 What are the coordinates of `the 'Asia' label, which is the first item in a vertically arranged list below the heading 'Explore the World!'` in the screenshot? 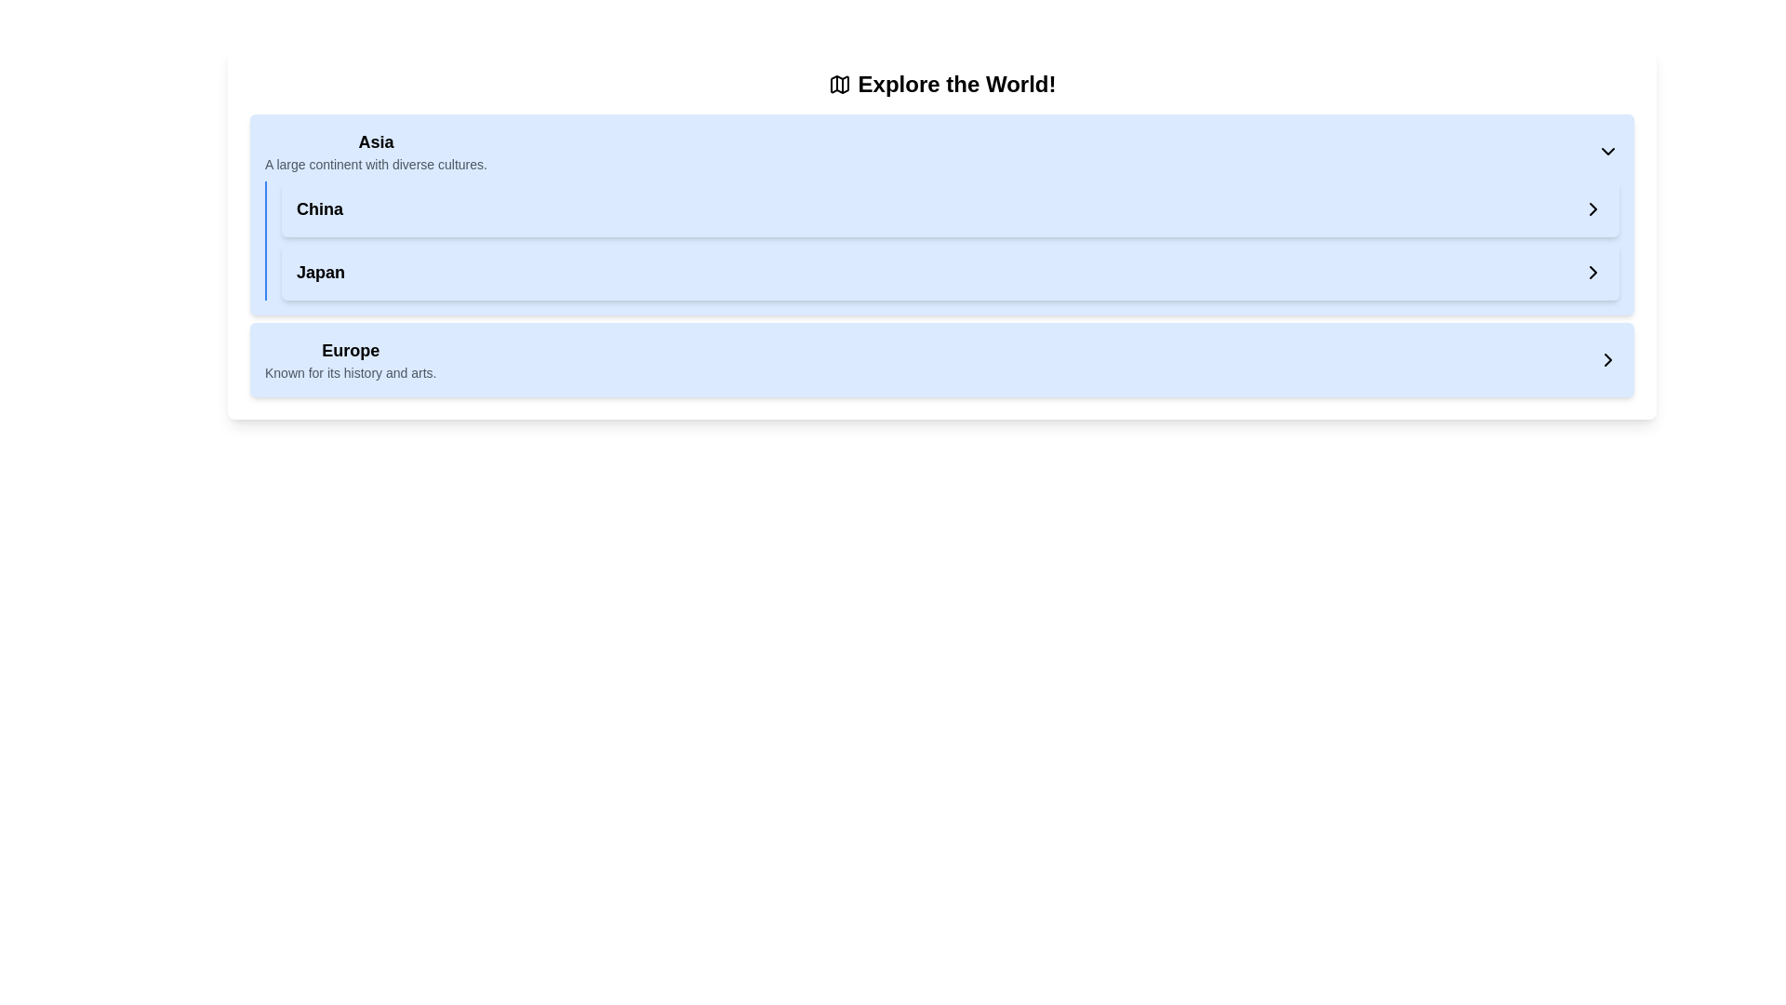 It's located at (374, 150).